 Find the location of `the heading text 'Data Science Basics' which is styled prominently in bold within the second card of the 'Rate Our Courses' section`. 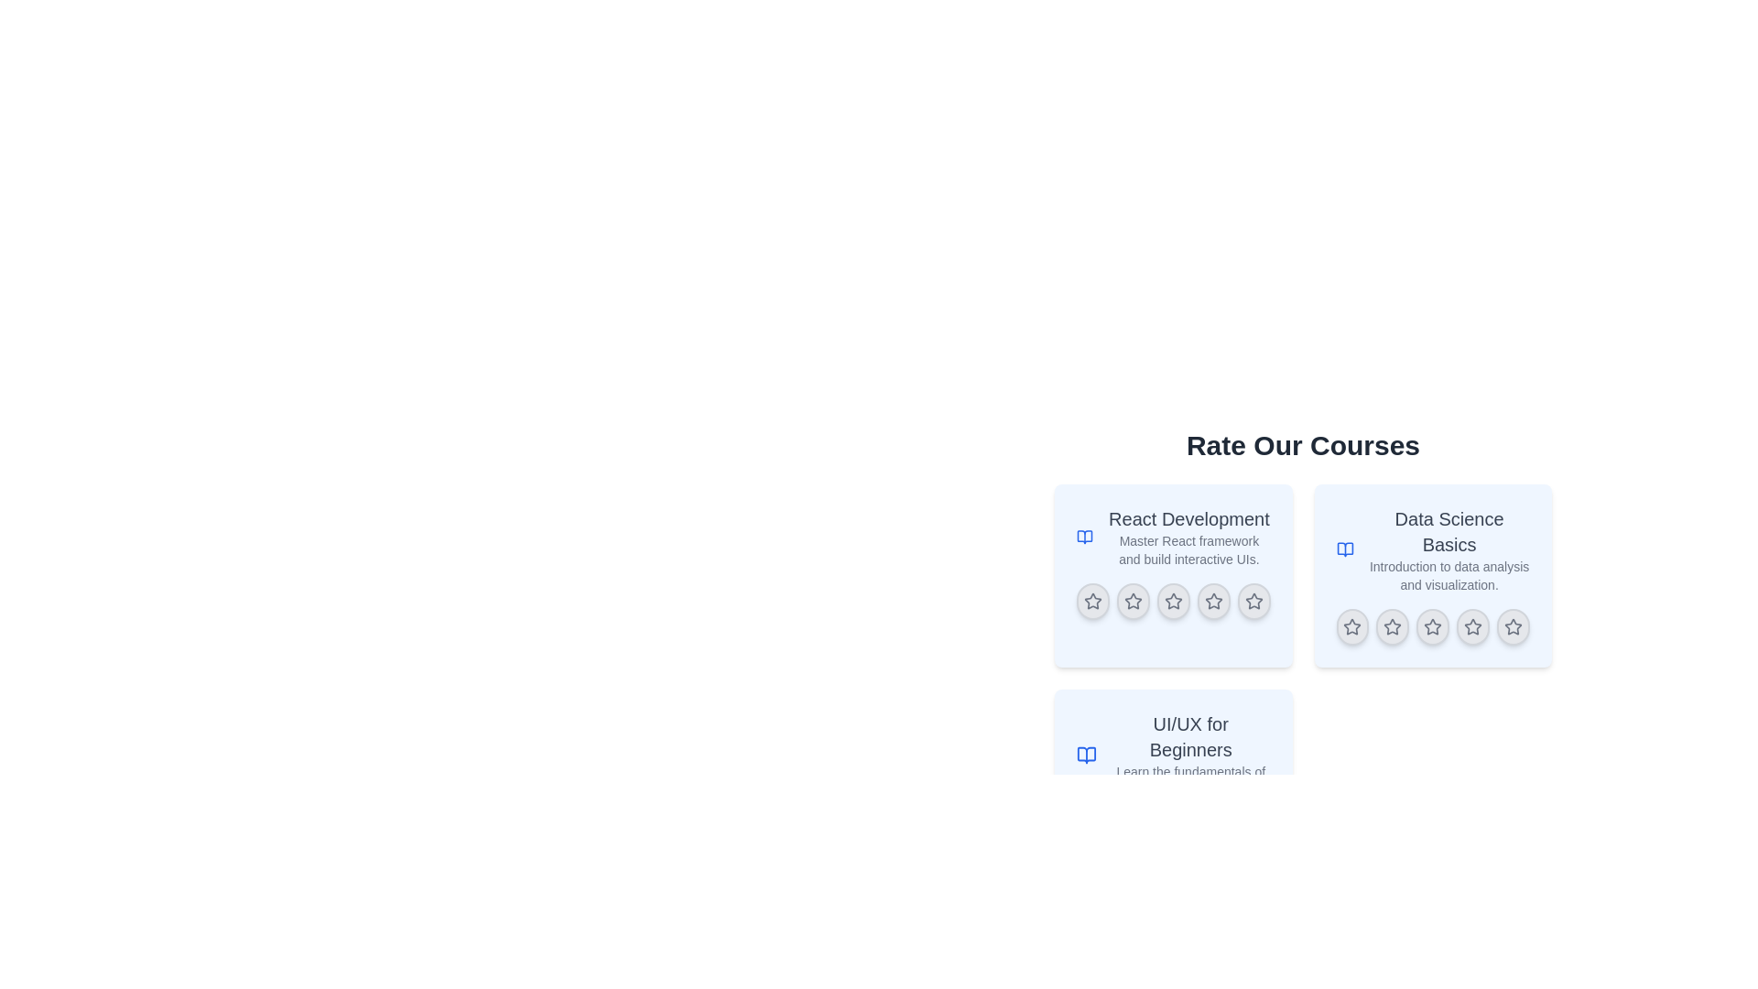

the heading text 'Data Science Basics' which is styled prominently in bold within the second card of the 'Rate Our Courses' section is located at coordinates (1449, 532).